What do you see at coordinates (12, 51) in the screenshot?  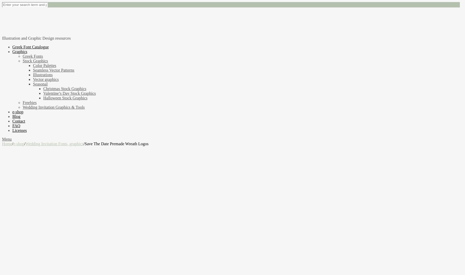 I see `'Graphics'` at bounding box center [12, 51].